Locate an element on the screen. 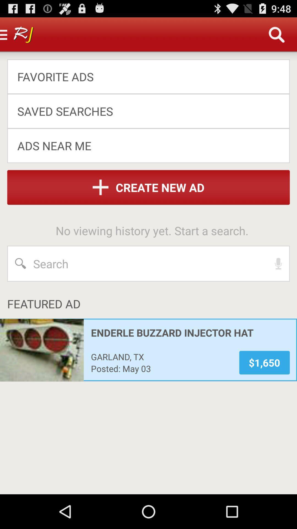  app to the left of the $1,650 item is located at coordinates (161, 368).